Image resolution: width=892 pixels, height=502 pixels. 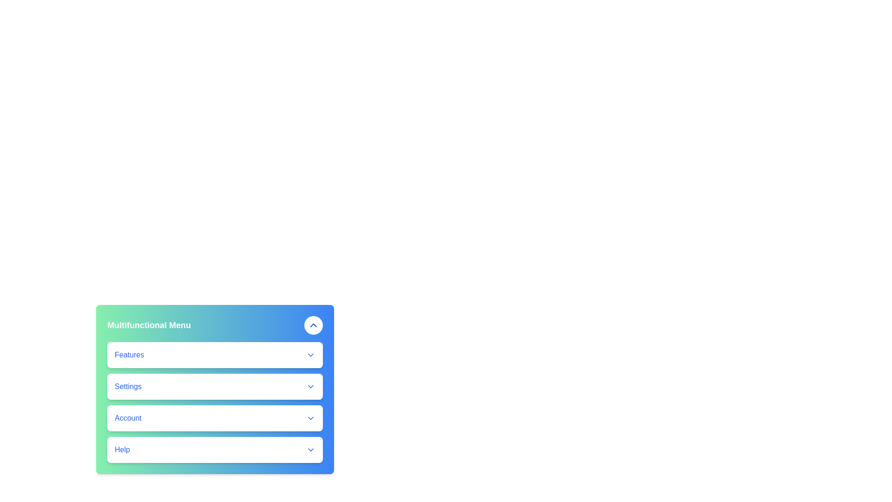 What do you see at coordinates (310, 417) in the screenshot?
I see `the chevron down icon located on the right side of the 'Account' label` at bounding box center [310, 417].